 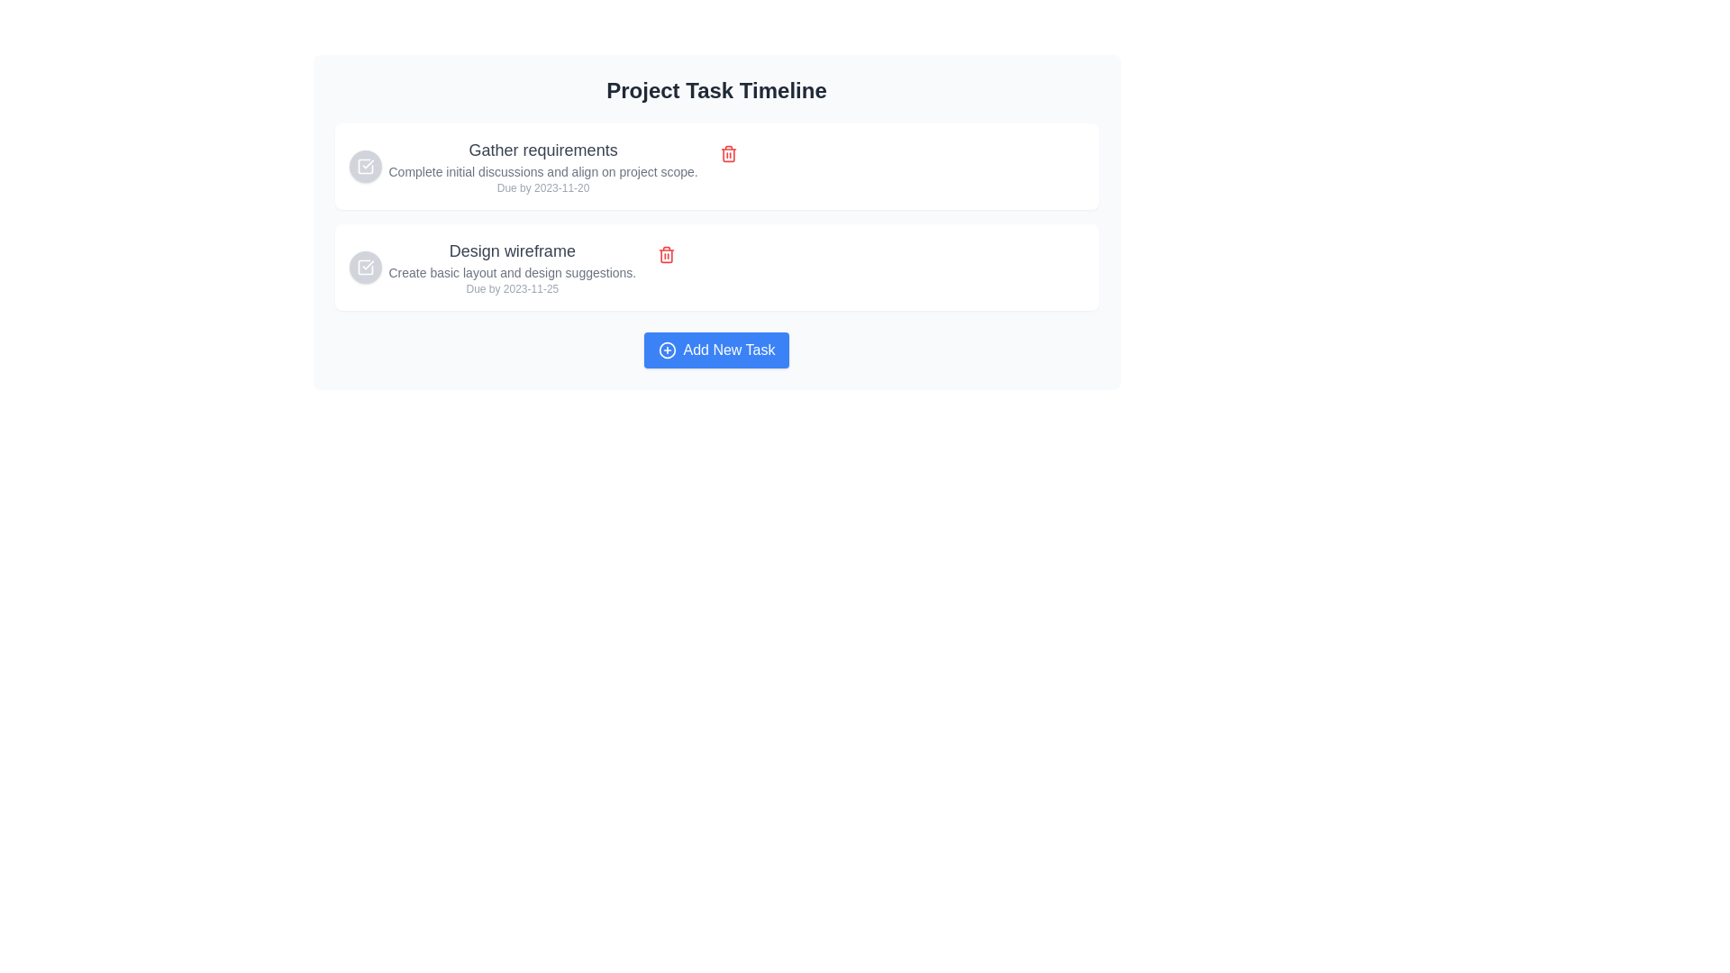 What do you see at coordinates (364, 167) in the screenshot?
I see `the graphical component forming the icon background located in the upper task block titled 'Gather requirements', which indicates a status or action associated with the task` at bounding box center [364, 167].